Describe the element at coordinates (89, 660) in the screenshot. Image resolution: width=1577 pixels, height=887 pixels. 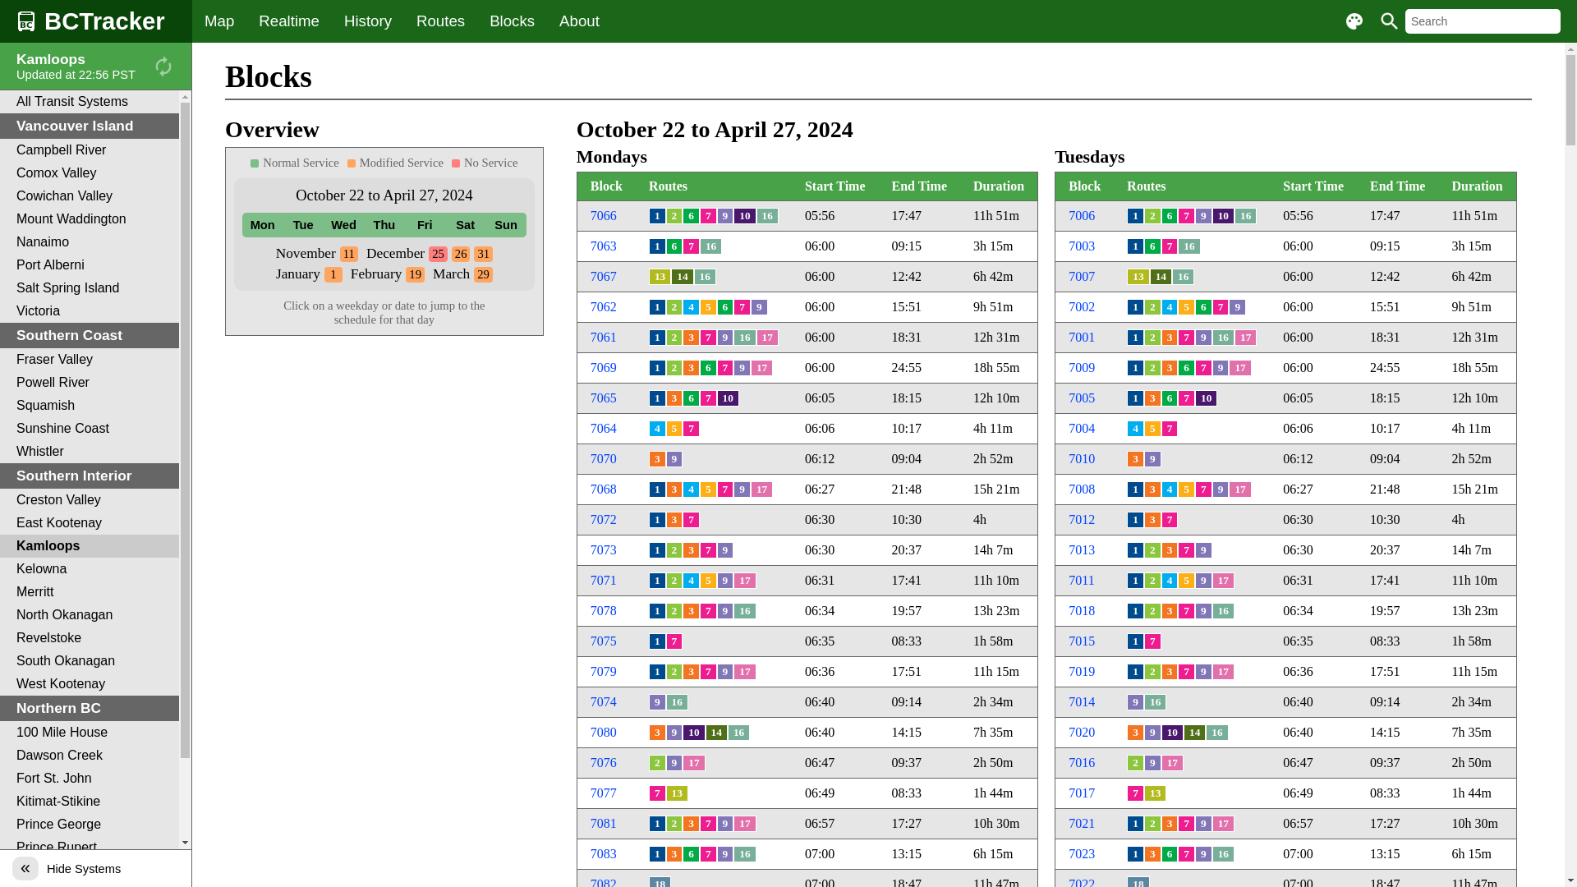
I see `'South Okanagan'` at that location.